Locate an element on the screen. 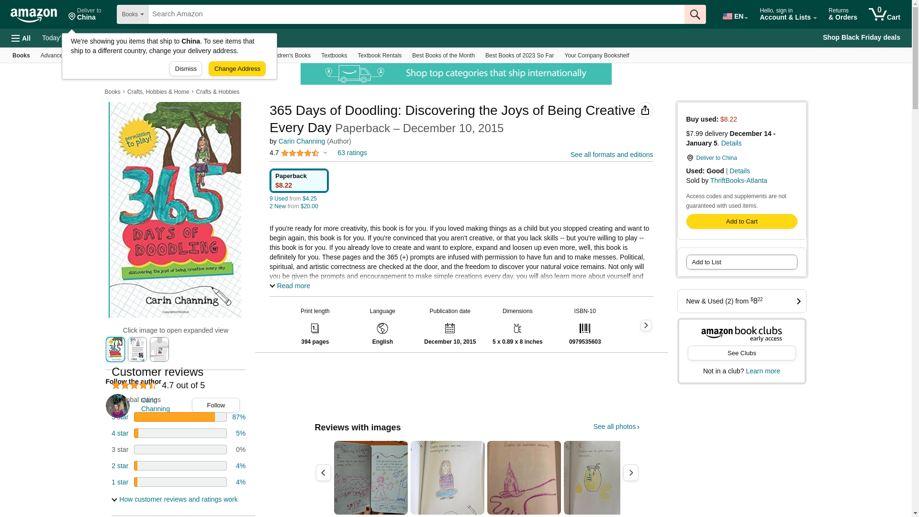  '4%' is located at coordinates (241, 482).